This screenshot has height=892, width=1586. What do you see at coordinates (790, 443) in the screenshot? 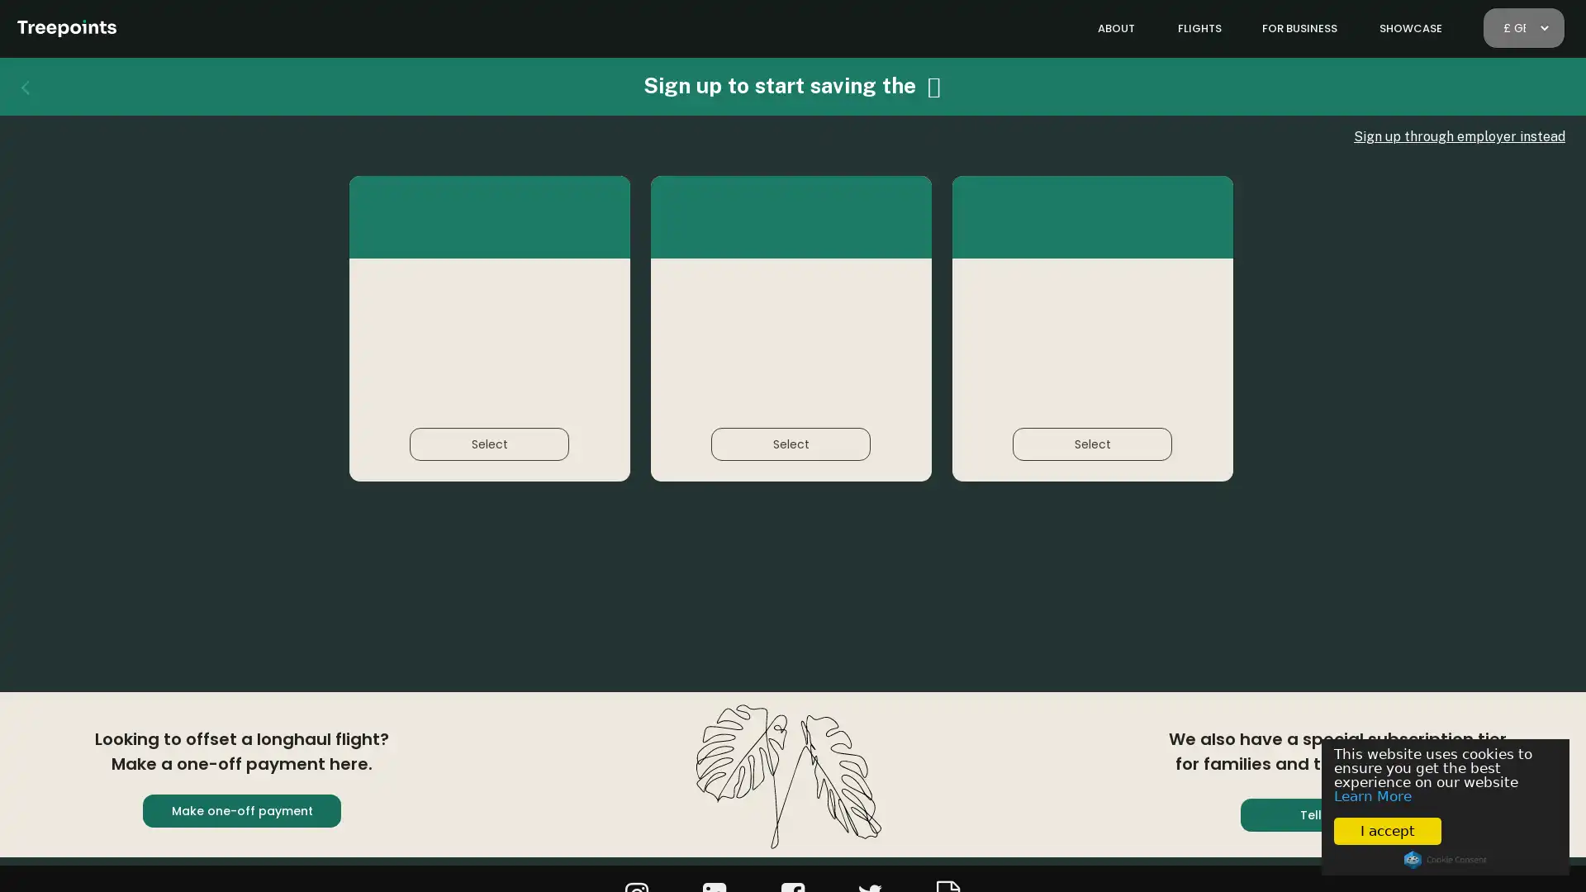
I see `Select` at bounding box center [790, 443].